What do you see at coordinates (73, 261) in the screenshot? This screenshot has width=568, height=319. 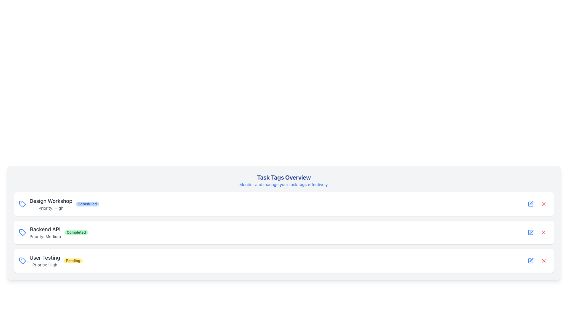 I see `the static text label indicating the status of 'User Testing', which displays 'Pending' in a pill-shaped yellow background` at bounding box center [73, 261].